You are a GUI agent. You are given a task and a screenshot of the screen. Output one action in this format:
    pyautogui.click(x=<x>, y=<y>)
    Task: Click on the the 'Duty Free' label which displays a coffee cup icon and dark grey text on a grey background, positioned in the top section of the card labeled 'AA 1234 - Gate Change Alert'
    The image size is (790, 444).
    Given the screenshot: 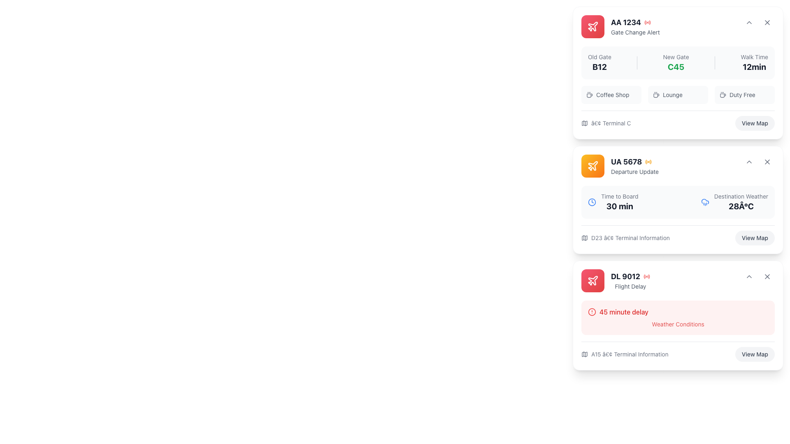 What is the action you would take?
    pyautogui.click(x=744, y=95)
    